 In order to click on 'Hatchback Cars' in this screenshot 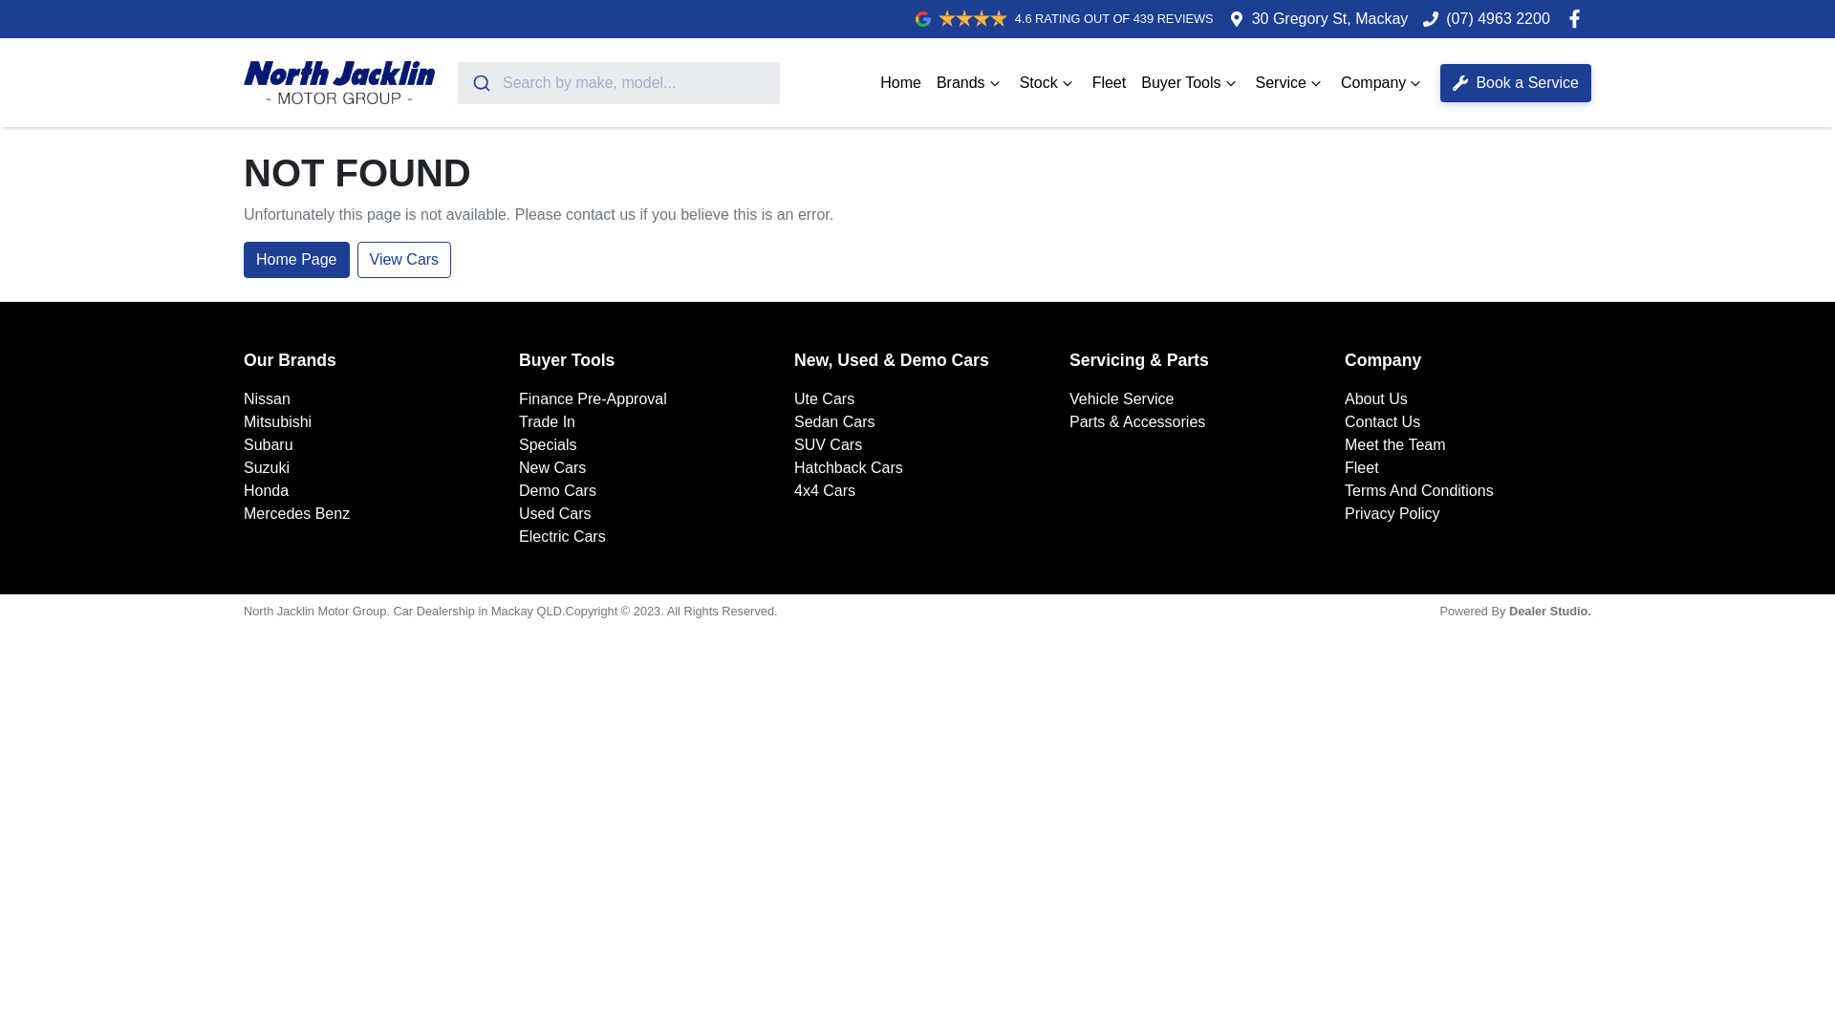, I will do `click(848, 467)`.